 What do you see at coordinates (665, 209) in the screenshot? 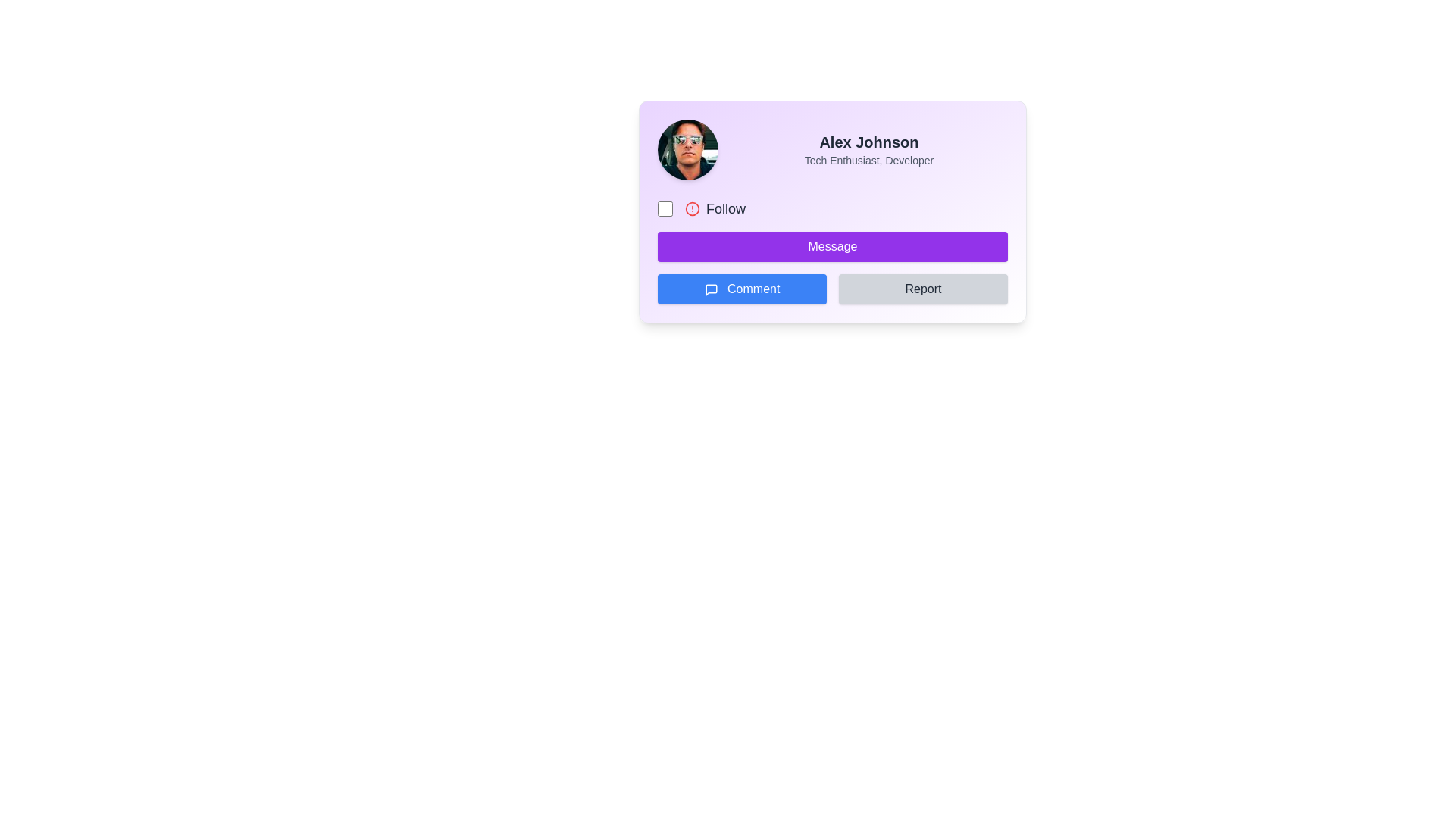
I see `the checkbox located to the left of the 'Follow' text` at bounding box center [665, 209].